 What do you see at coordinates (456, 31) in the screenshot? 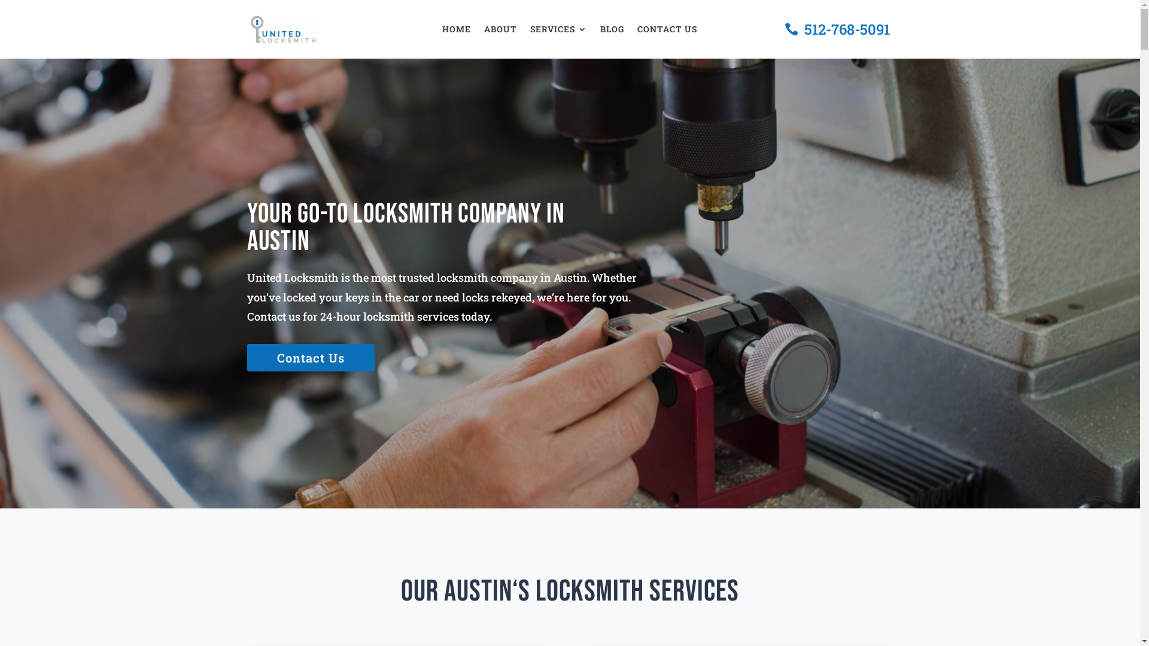
I see `'HOME'` at bounding box center [456, 31].